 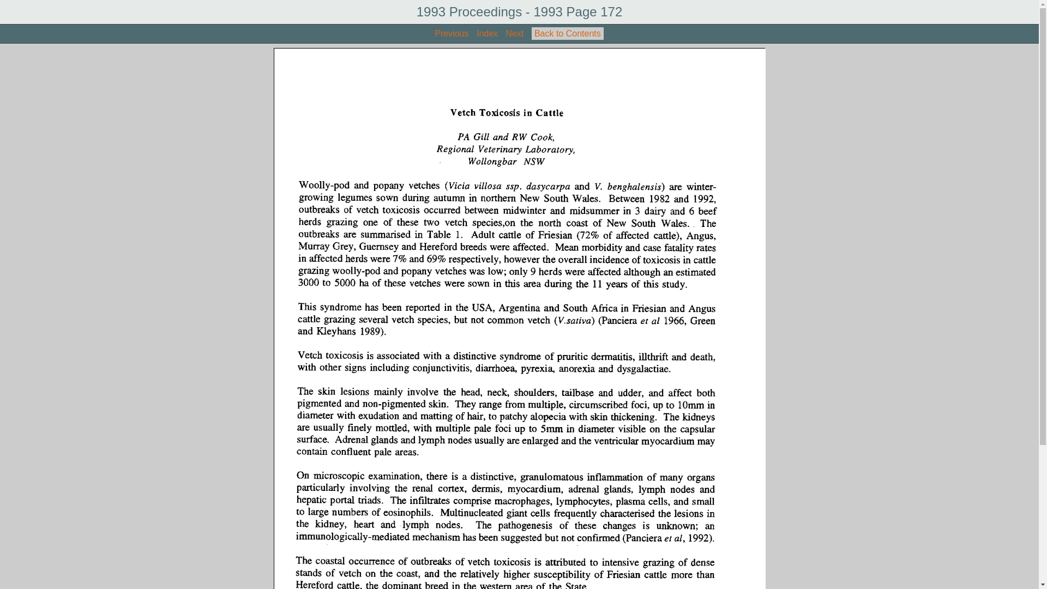 What do you see at coordinates (514, 33) in the screenshot?
I see `'Next'` at bounding box center [514, 33].